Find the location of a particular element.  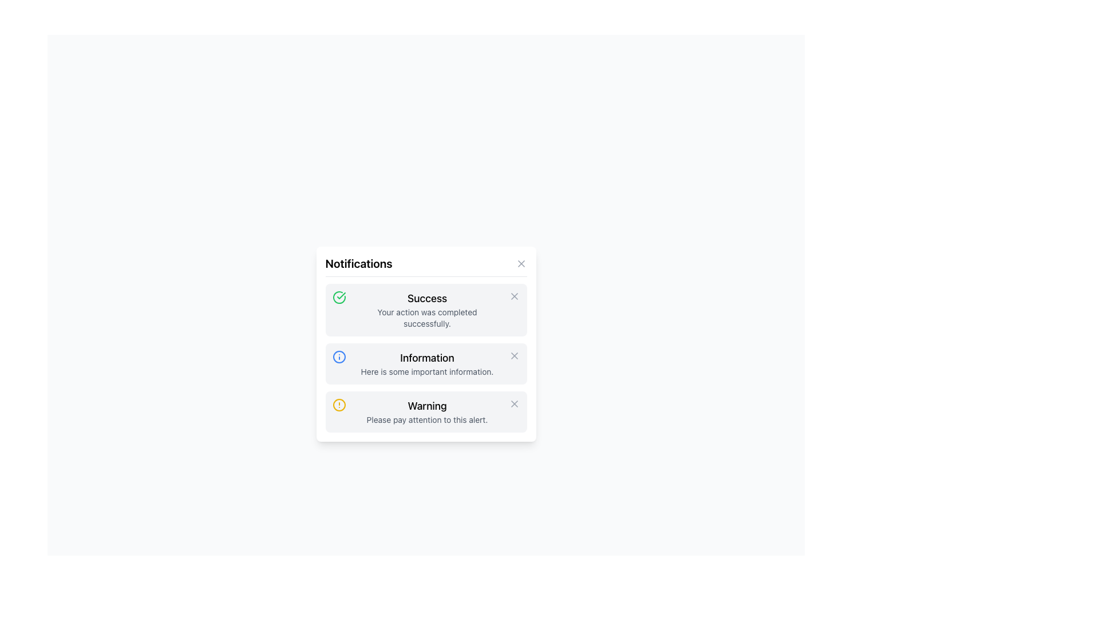

the 'X' icon shaped button in the rightmost part of the 'Success' notification box is located at coordinates (513, 295).